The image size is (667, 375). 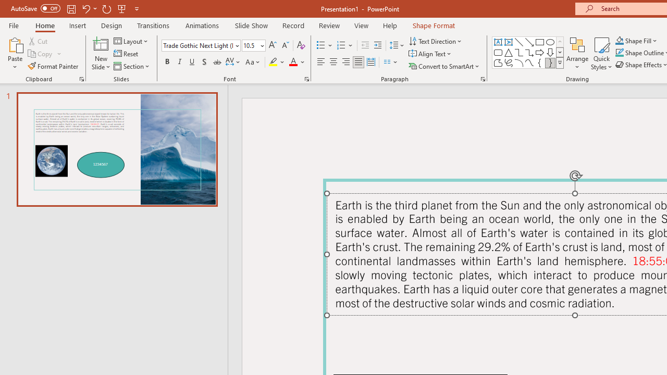 I want to click on 'Shape Fill', so click(x=636, y=40).